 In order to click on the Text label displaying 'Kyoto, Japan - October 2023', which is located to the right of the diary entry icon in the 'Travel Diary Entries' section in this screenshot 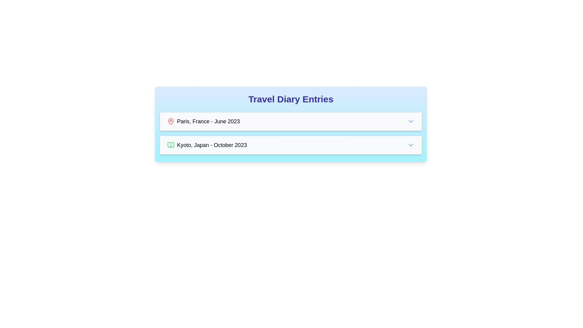, I will do `click(212, 145)`.